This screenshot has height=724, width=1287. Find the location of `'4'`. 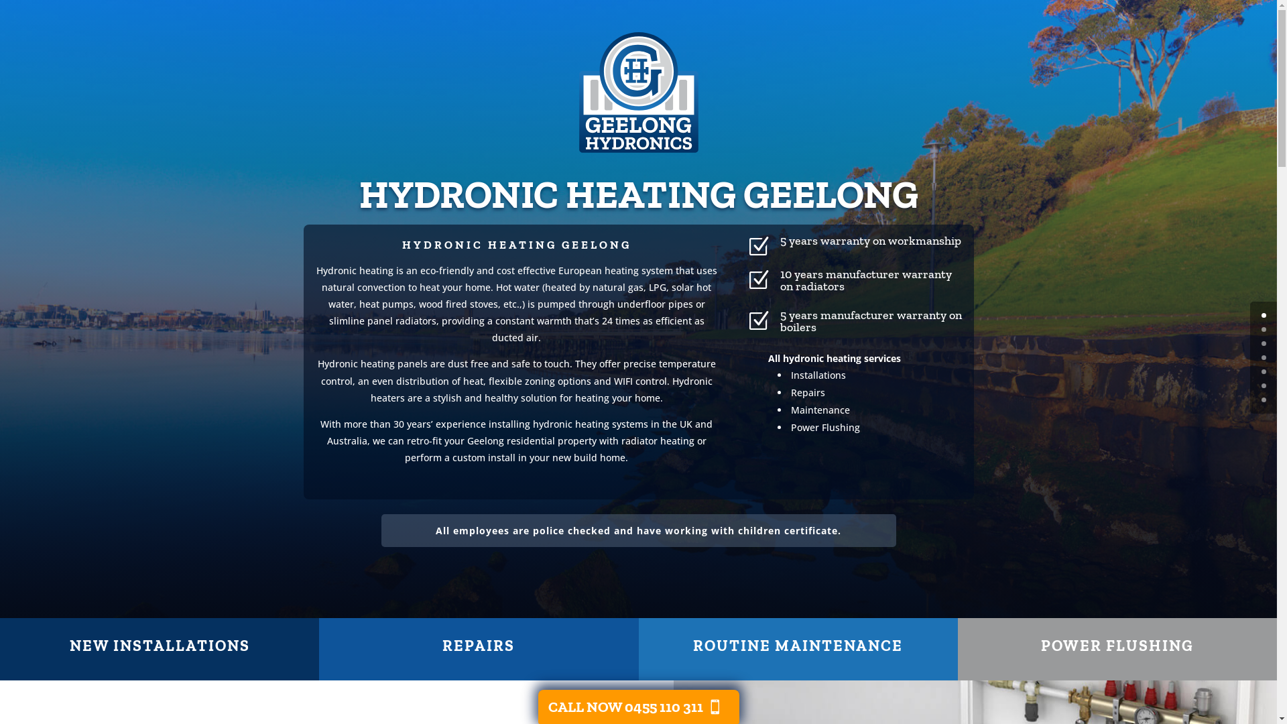

'4' is located at coordinates (1263, 371).